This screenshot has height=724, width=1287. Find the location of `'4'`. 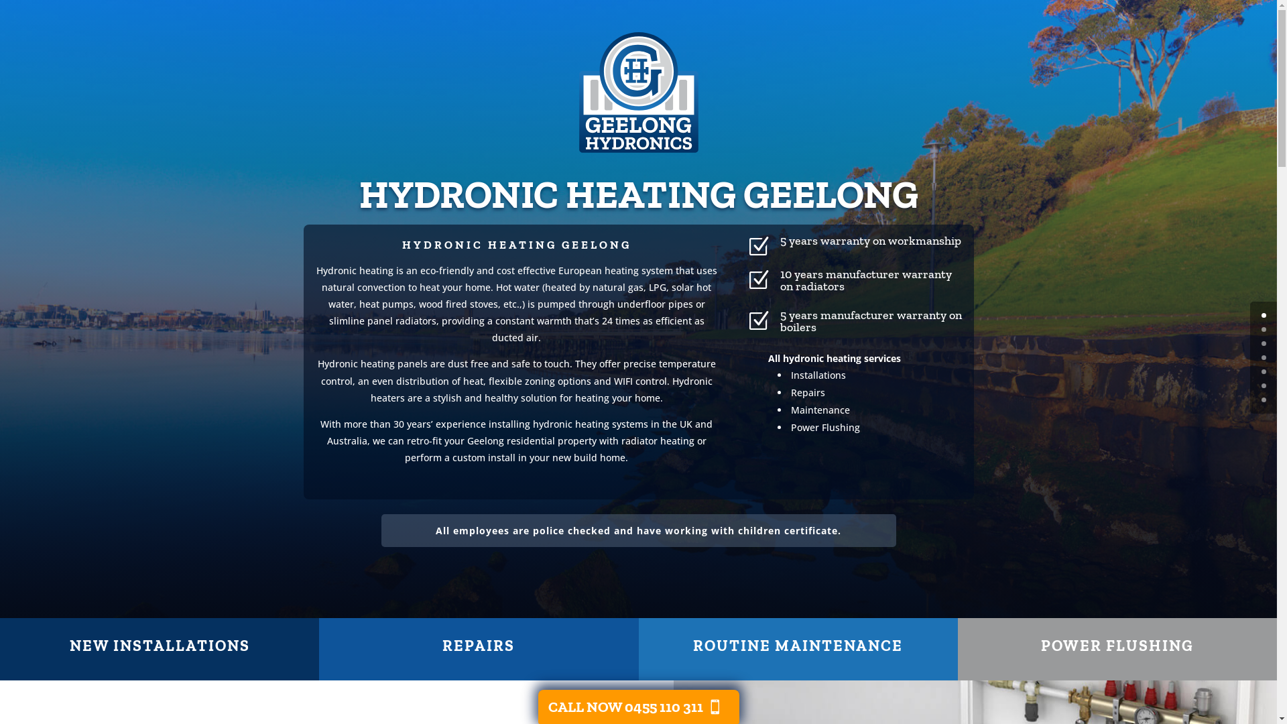

'4' is located at coordinates (1263, 371).